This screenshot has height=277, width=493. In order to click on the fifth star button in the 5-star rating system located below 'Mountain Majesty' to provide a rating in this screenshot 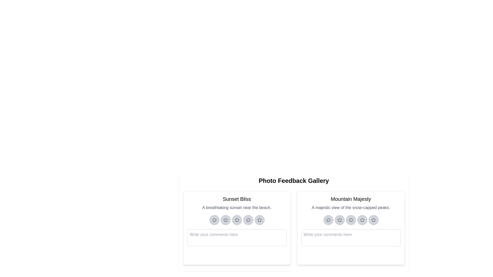, I will do `click(373, 220)`.